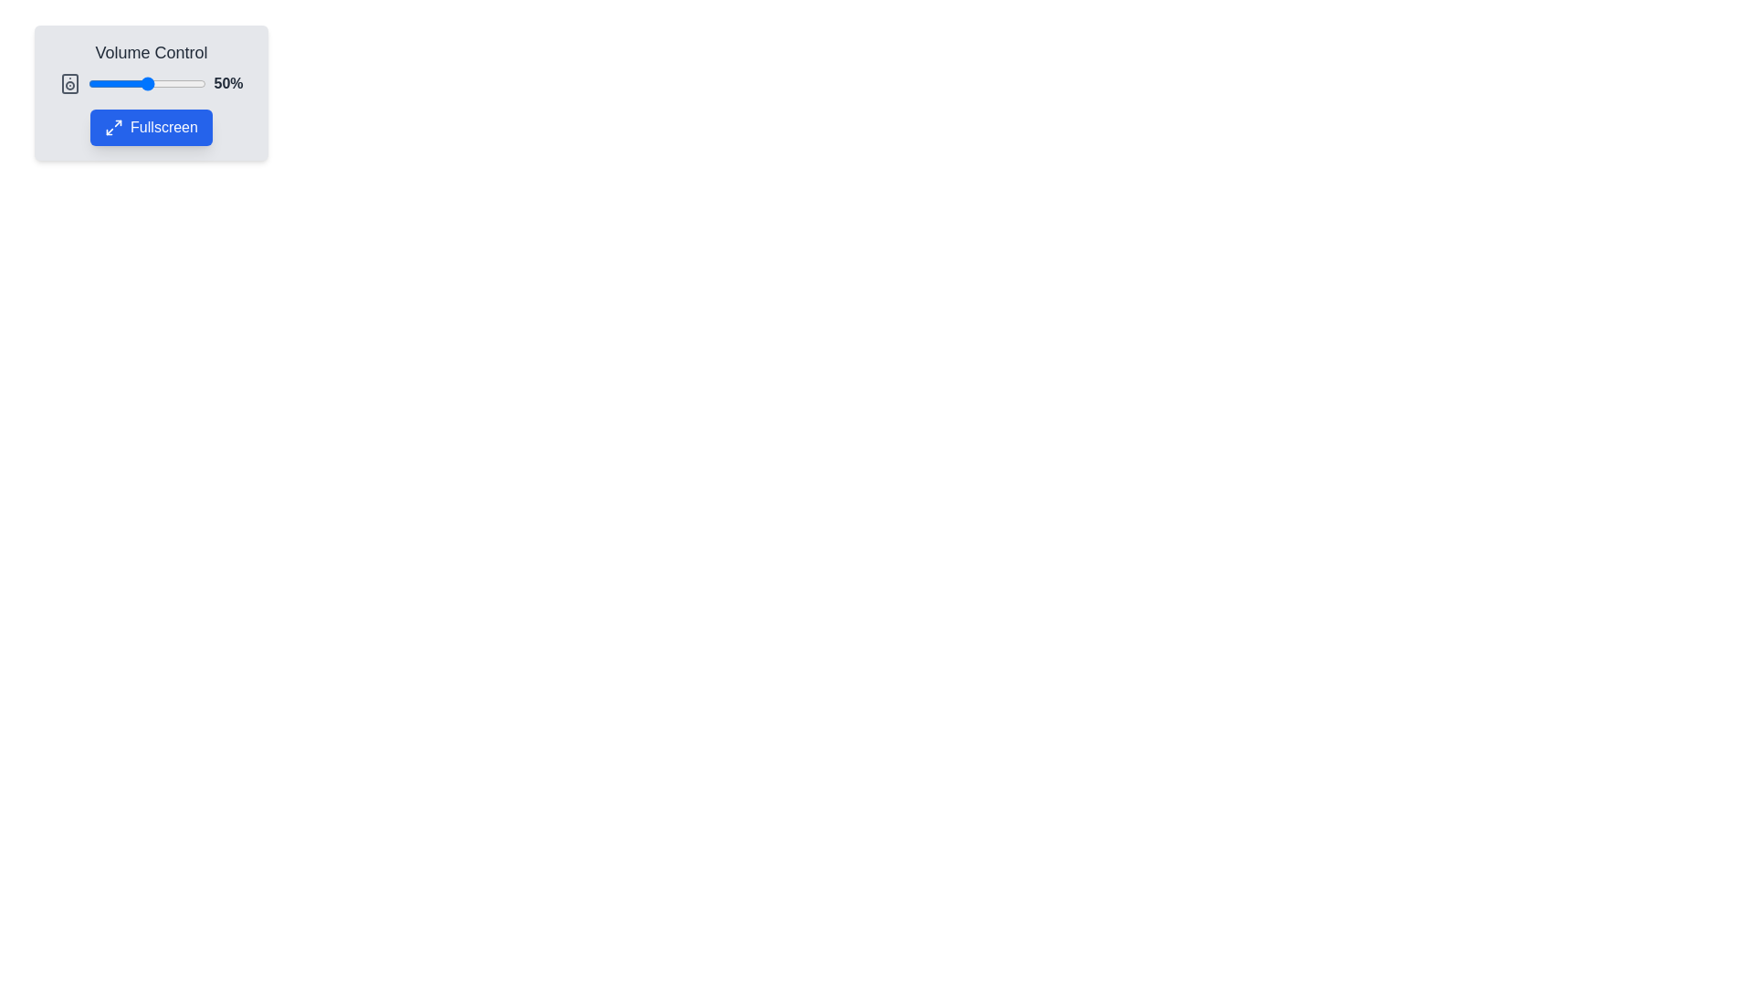 This screenshot has height=986, width=1753. Describe the element at coordinates (184, 84) in the screenshot. I see `the volume to 81% by dragging the slider` at that location.